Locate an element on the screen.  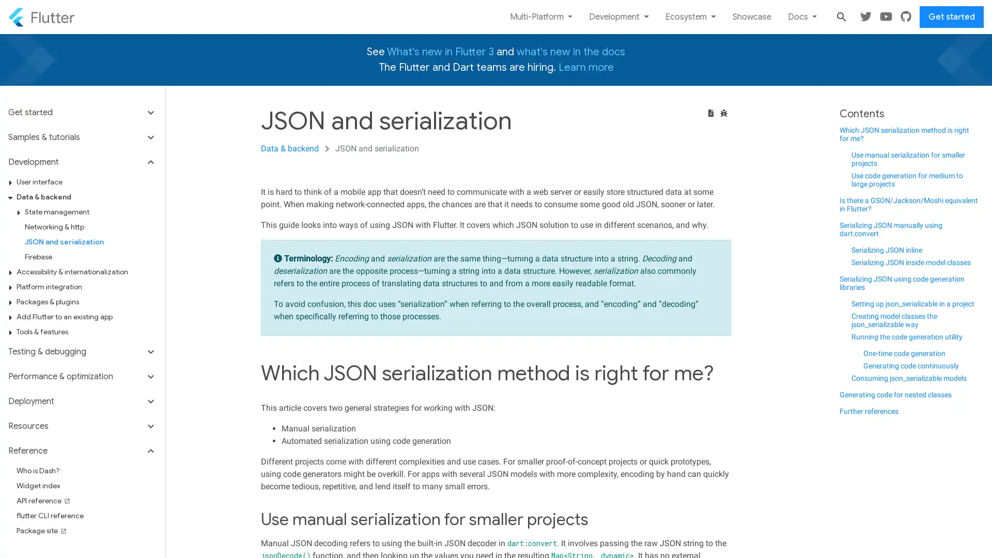
arrow_drop_down User interface is located at coordinates (86, 181).